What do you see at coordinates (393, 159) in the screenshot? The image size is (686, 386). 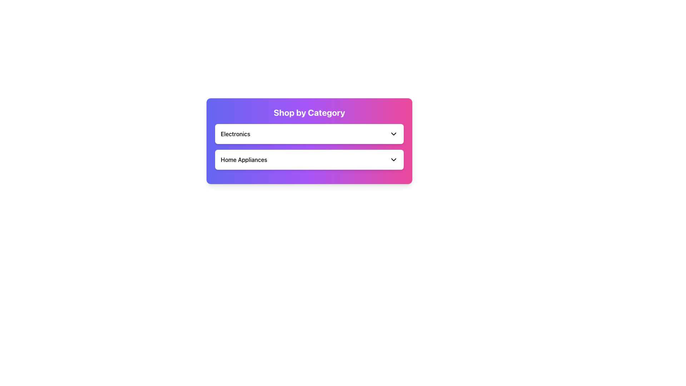 I see `the chevron icon` at bounding box center [393, 159].